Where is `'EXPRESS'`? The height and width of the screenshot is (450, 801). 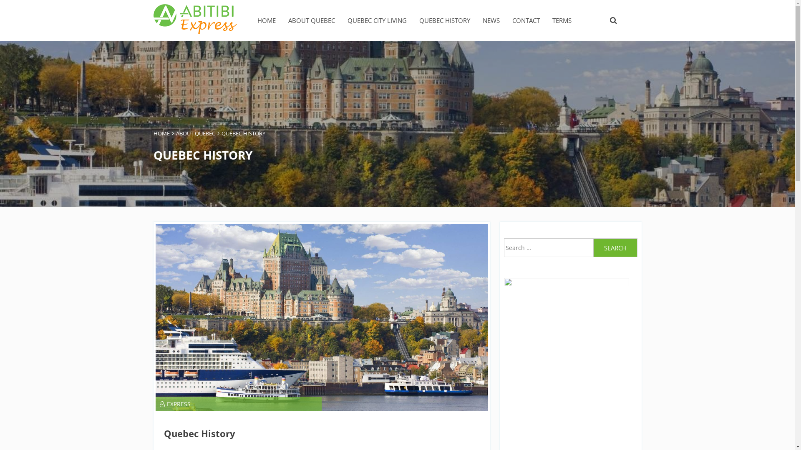
'EXPRESS' is located at coordinates (174, 403).